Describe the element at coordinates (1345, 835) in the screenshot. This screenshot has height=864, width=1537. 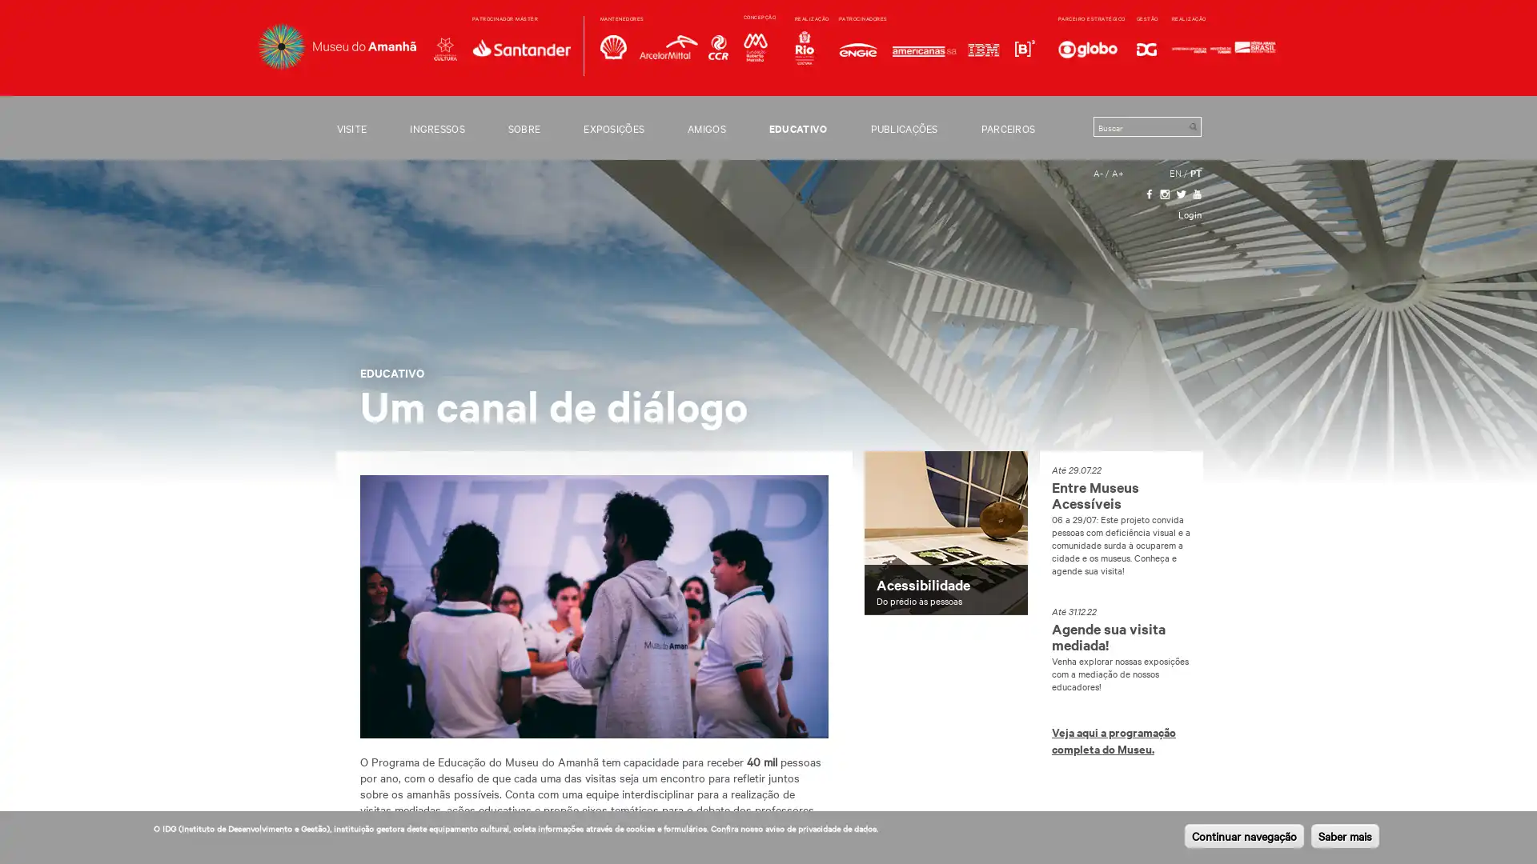
I see `Saber mais` at that location.